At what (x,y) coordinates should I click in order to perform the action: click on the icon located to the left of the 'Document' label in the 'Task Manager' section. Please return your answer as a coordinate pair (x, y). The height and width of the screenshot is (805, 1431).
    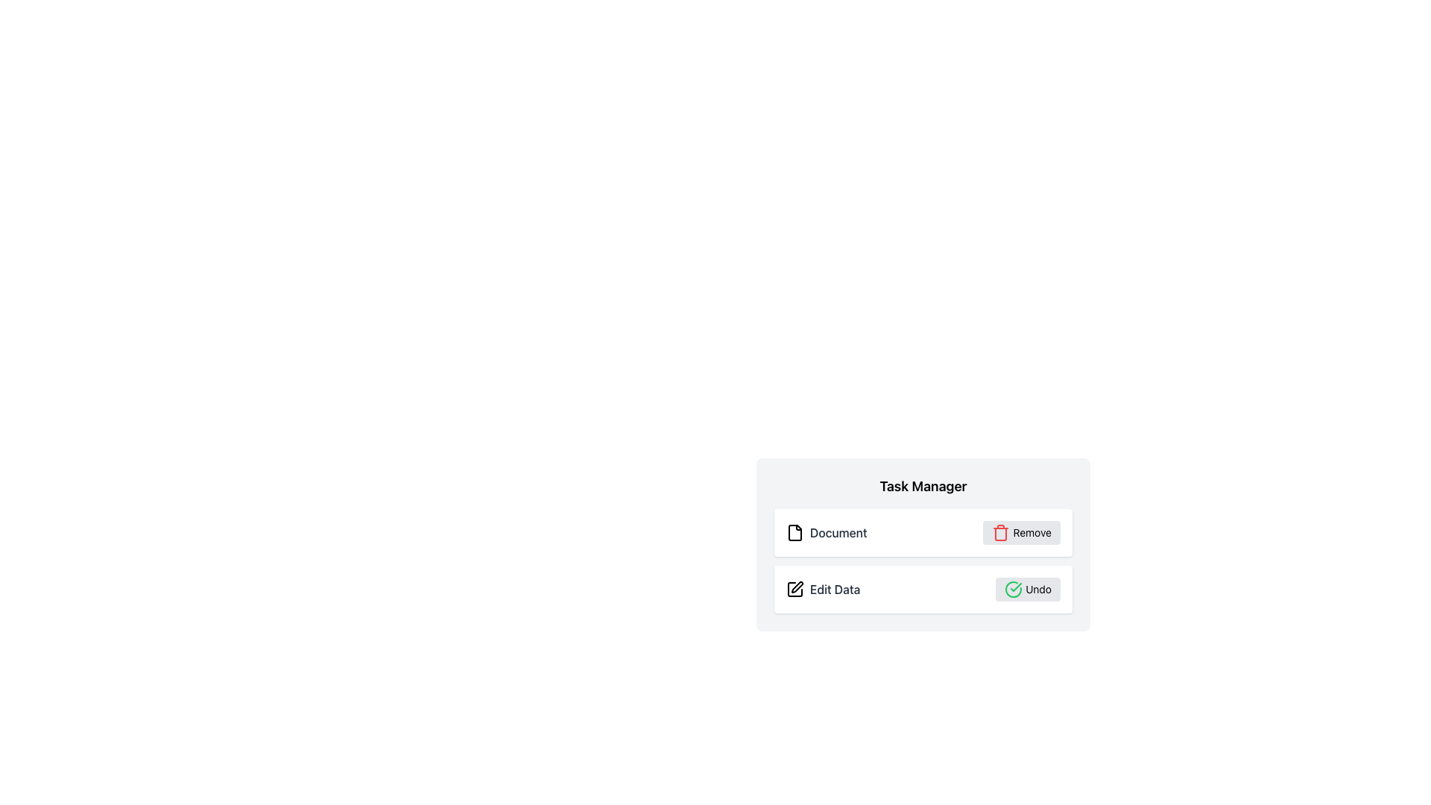
    Looking at the image, I should click on (794, 531).